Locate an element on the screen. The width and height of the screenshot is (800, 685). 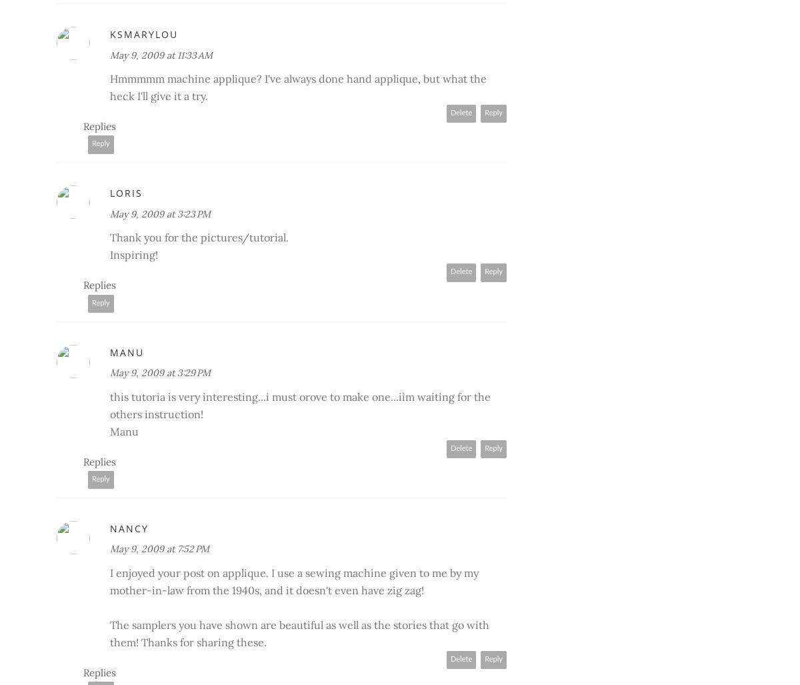
'Hmmmmm machine applique?  I've always done hand applique, but what the heck I'll give it a try.' is located at coordinates (298, 87).